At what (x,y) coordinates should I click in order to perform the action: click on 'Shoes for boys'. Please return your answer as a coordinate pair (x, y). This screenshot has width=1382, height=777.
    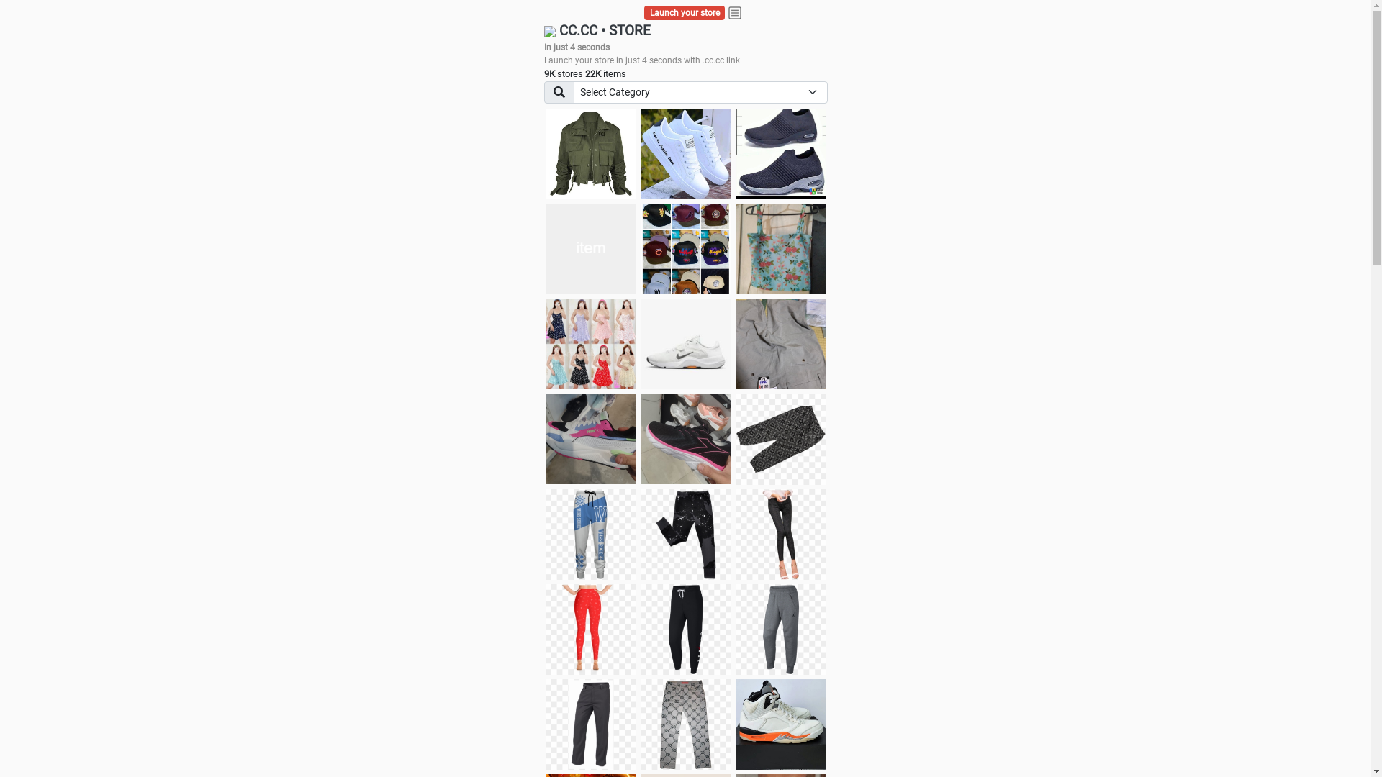
    Looking at the image, I should click on (590, 248).